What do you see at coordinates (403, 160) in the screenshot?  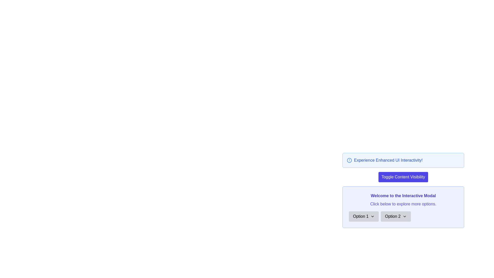 I see `the informative banner or notification box with a light blue background that contains a blue circle icon with an exclamation mark and bold text stating 'Experience Enhanced UI Interactivity!'` at bounding box center [403, 160].